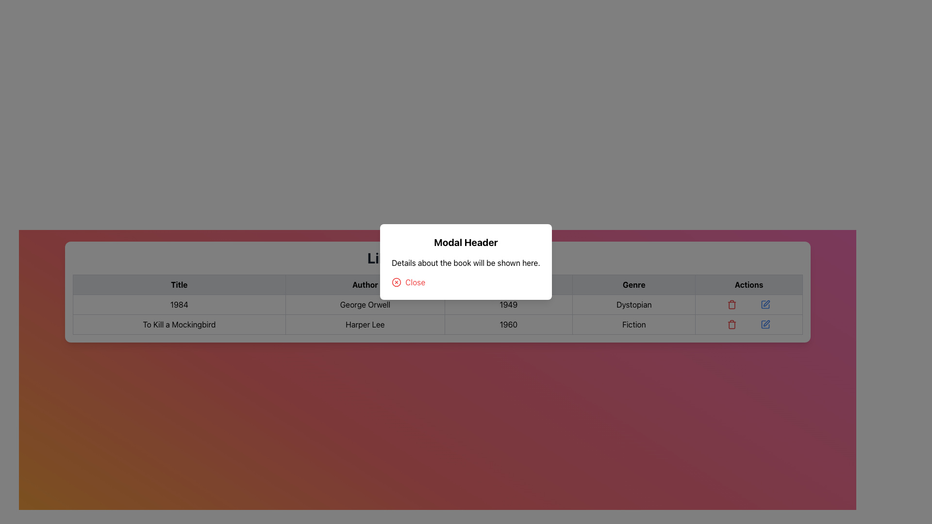 Image resolution: width=932 pixels, height=524 pixels. Describe the element at coordinates (633, 304) in the screenshot. I see `the 'Genre' label for the book '1984', which indicates its classification in the first row of the table` at that location.